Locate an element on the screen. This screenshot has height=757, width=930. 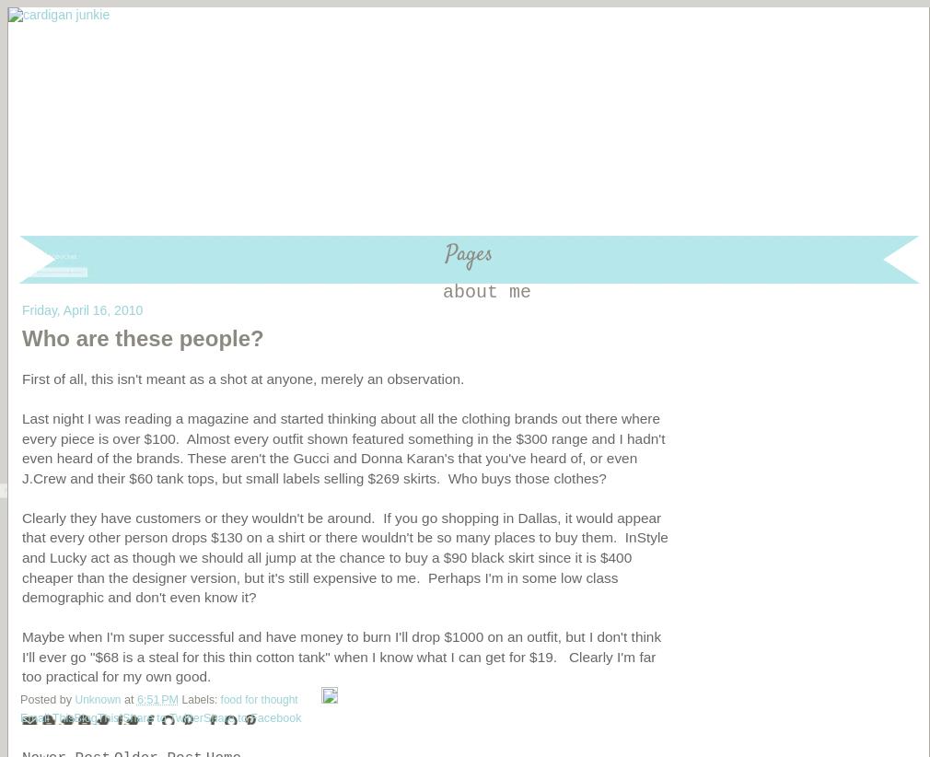
'Share to Facebook' is located at coordinates (252, 716).